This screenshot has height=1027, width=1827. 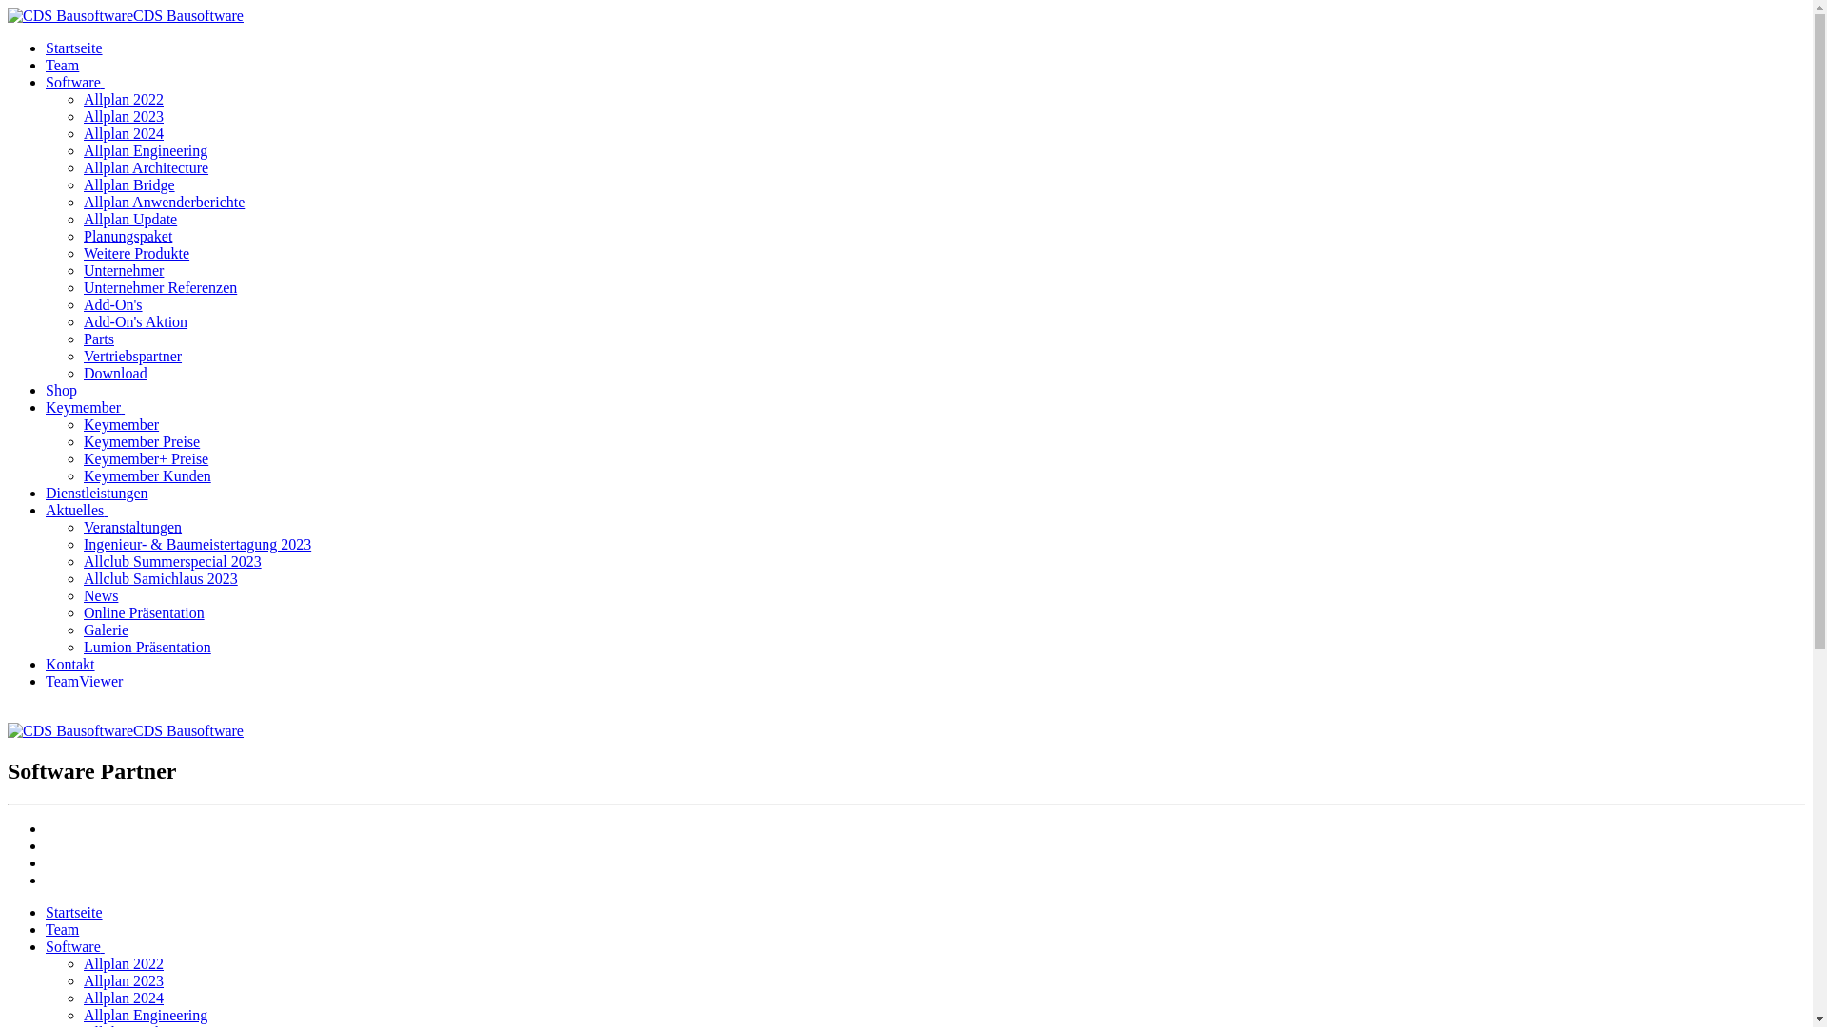 I want to click on 'Veranstaltungen', so click(x=131, y=527).